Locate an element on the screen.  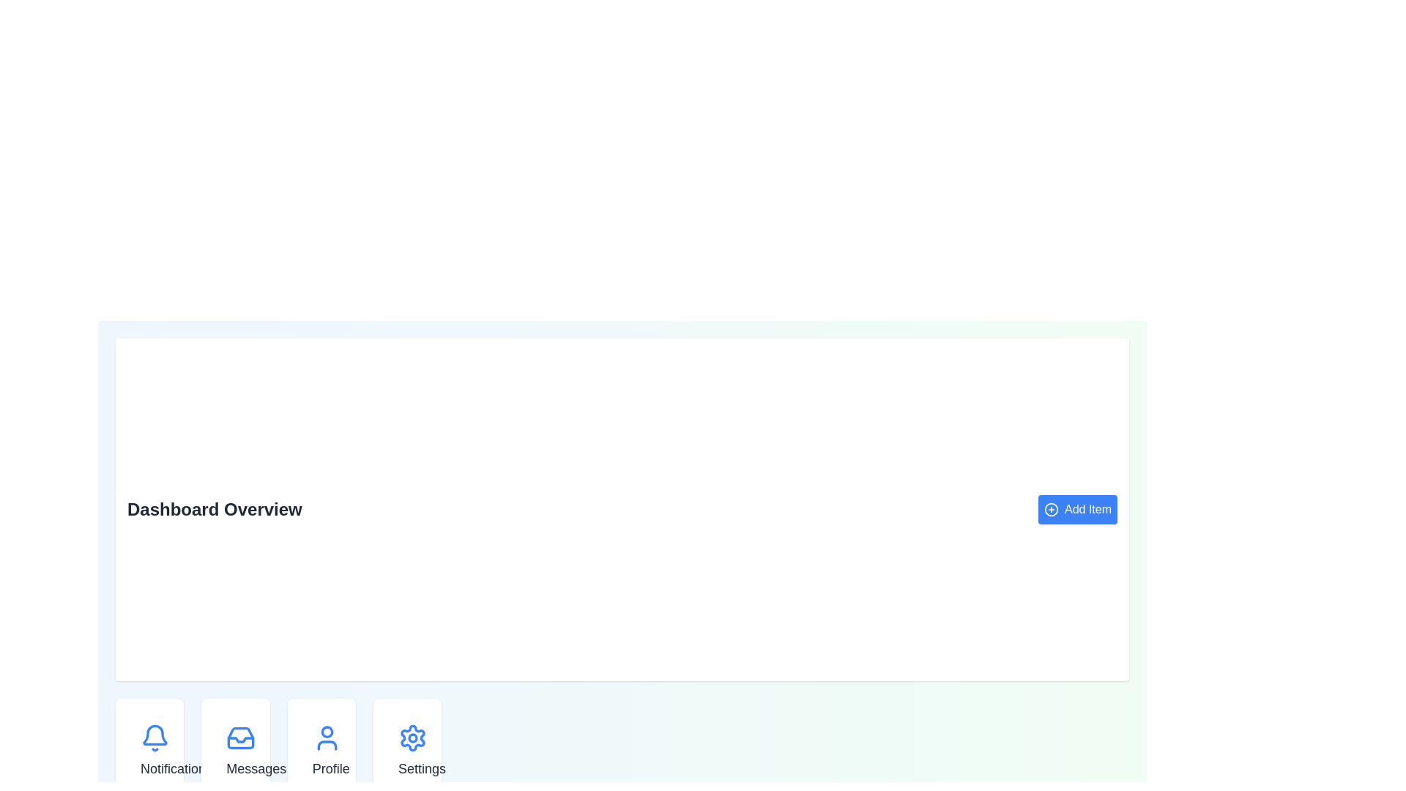
the 'Messages' icon located in the bottom navigation bar, which is the second icon from the left is located at coordinates (241, 738).